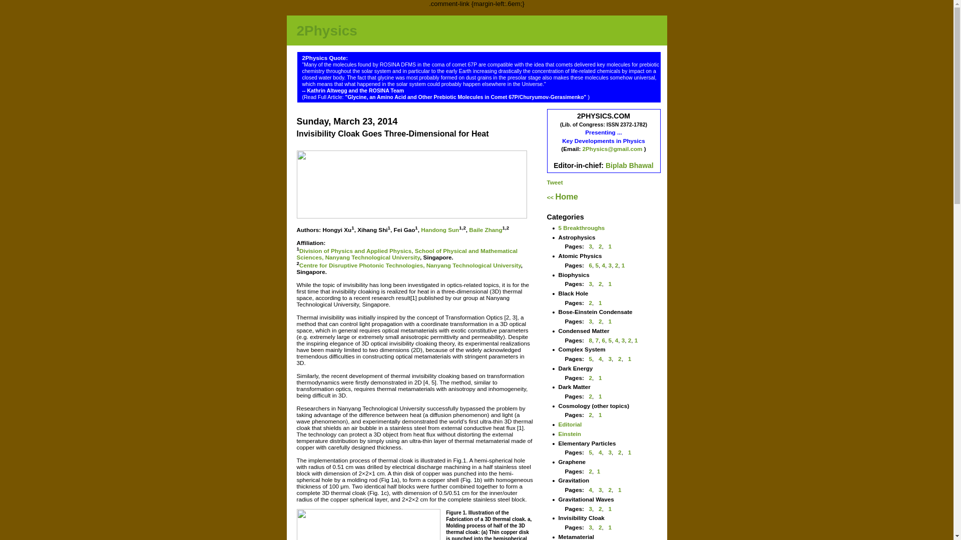 This screenshot has height=540, width=961. Describe the element at coordinates (600, 302) in the screenshot. I see `'1'` at that location.